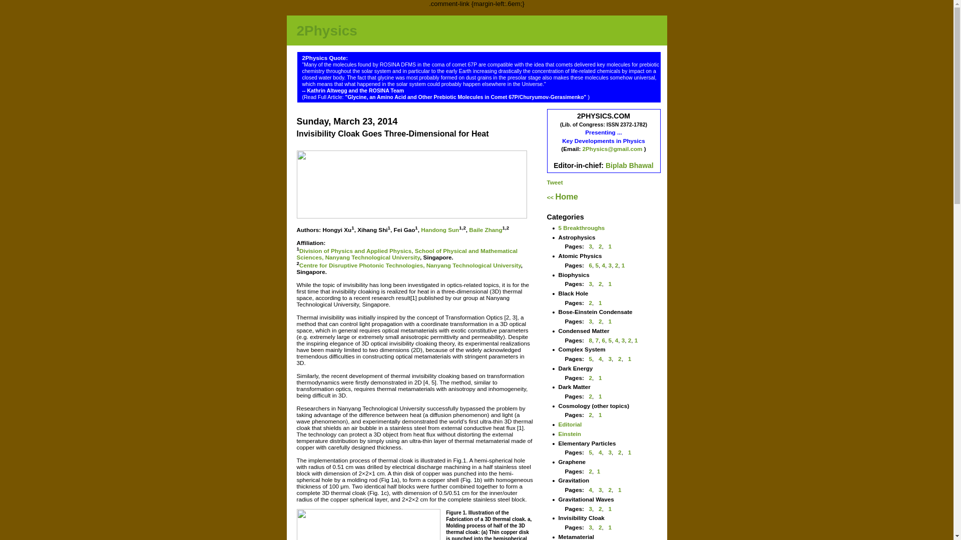 This screenshot has height=540, width=961. Describe the element at coordinates (600, 302) in the screenshot. I see `'1'` at that location.